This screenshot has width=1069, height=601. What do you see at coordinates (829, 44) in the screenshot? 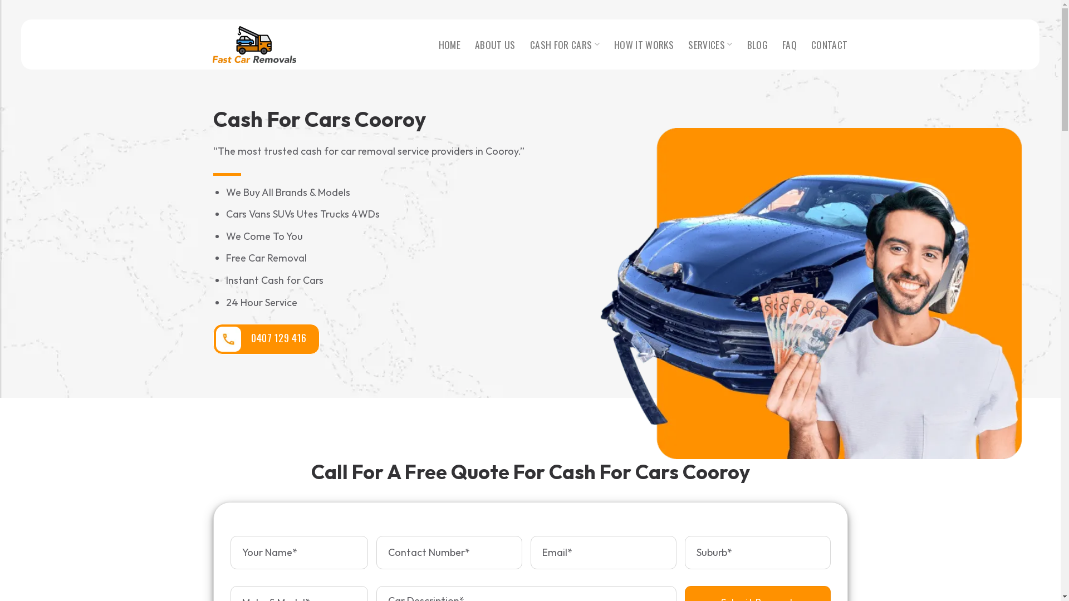
I see `'CONTACT'` at bounding box center [829, 44].